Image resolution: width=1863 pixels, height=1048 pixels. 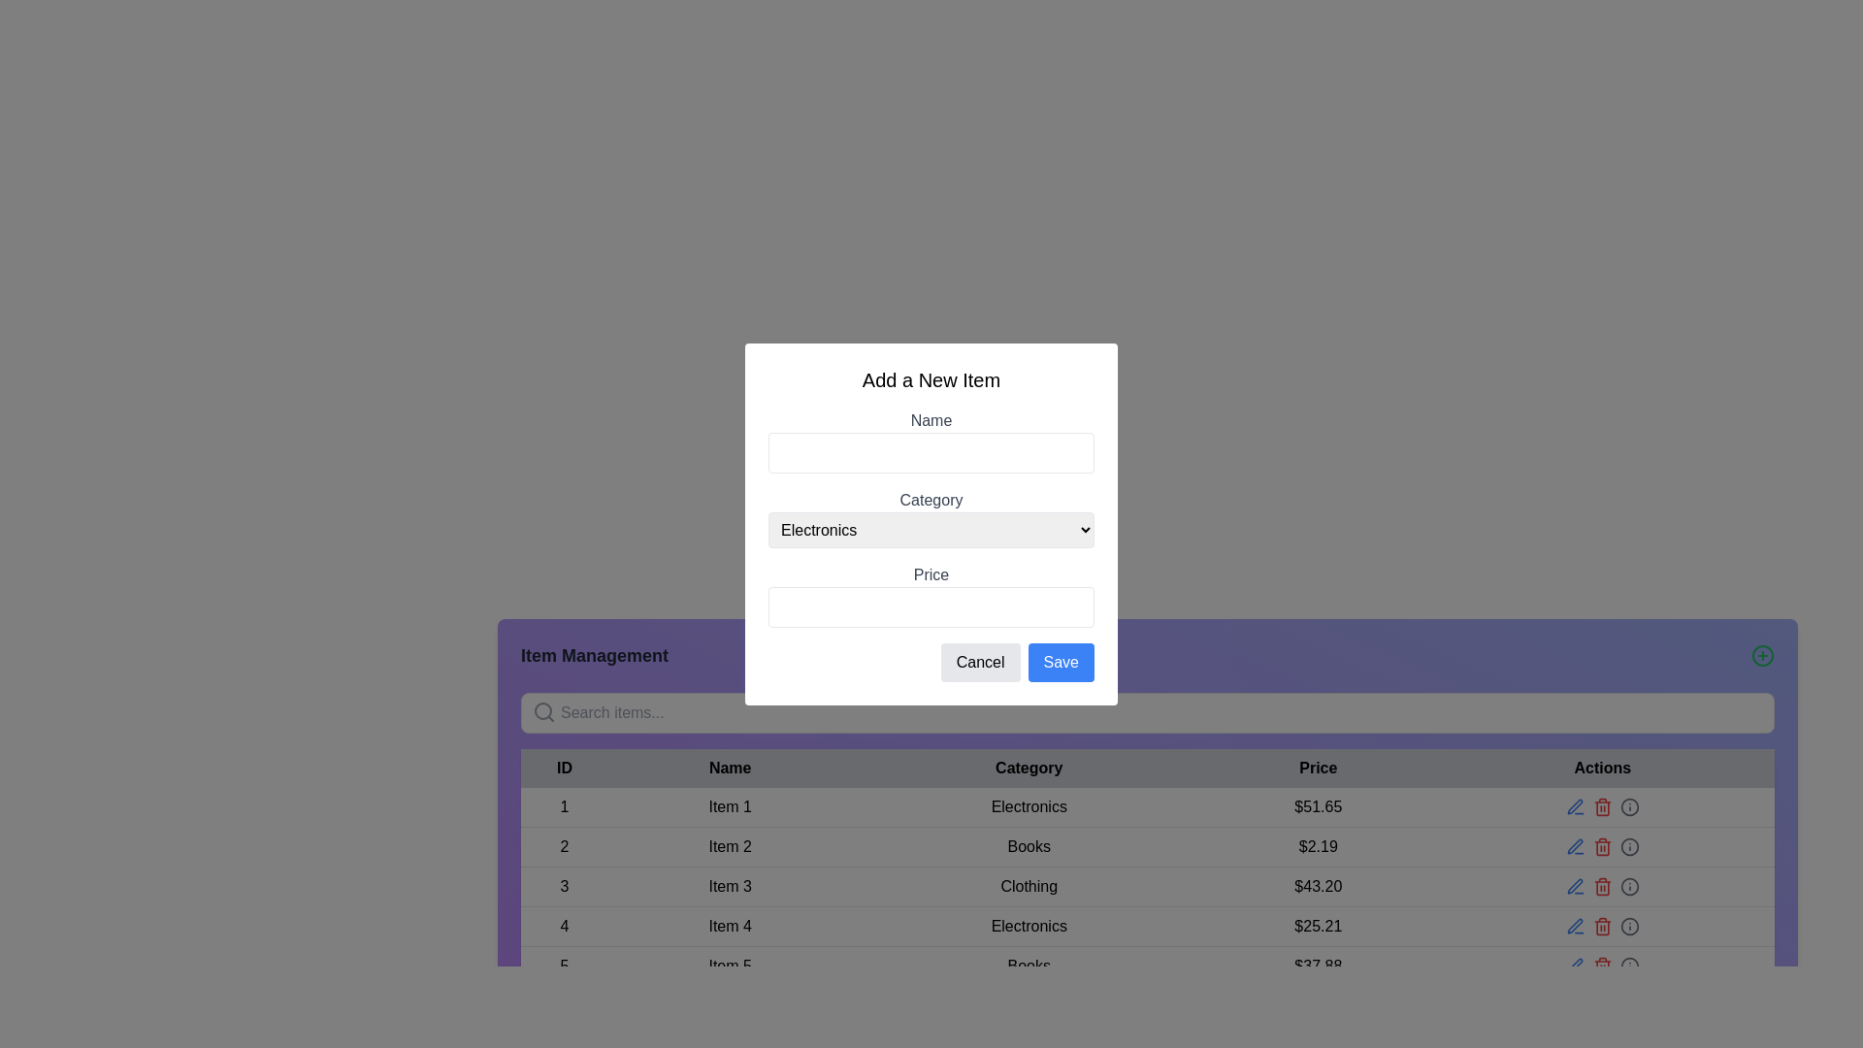 I want to click on the 'Name' table header cell, so click(x=729, y=767).